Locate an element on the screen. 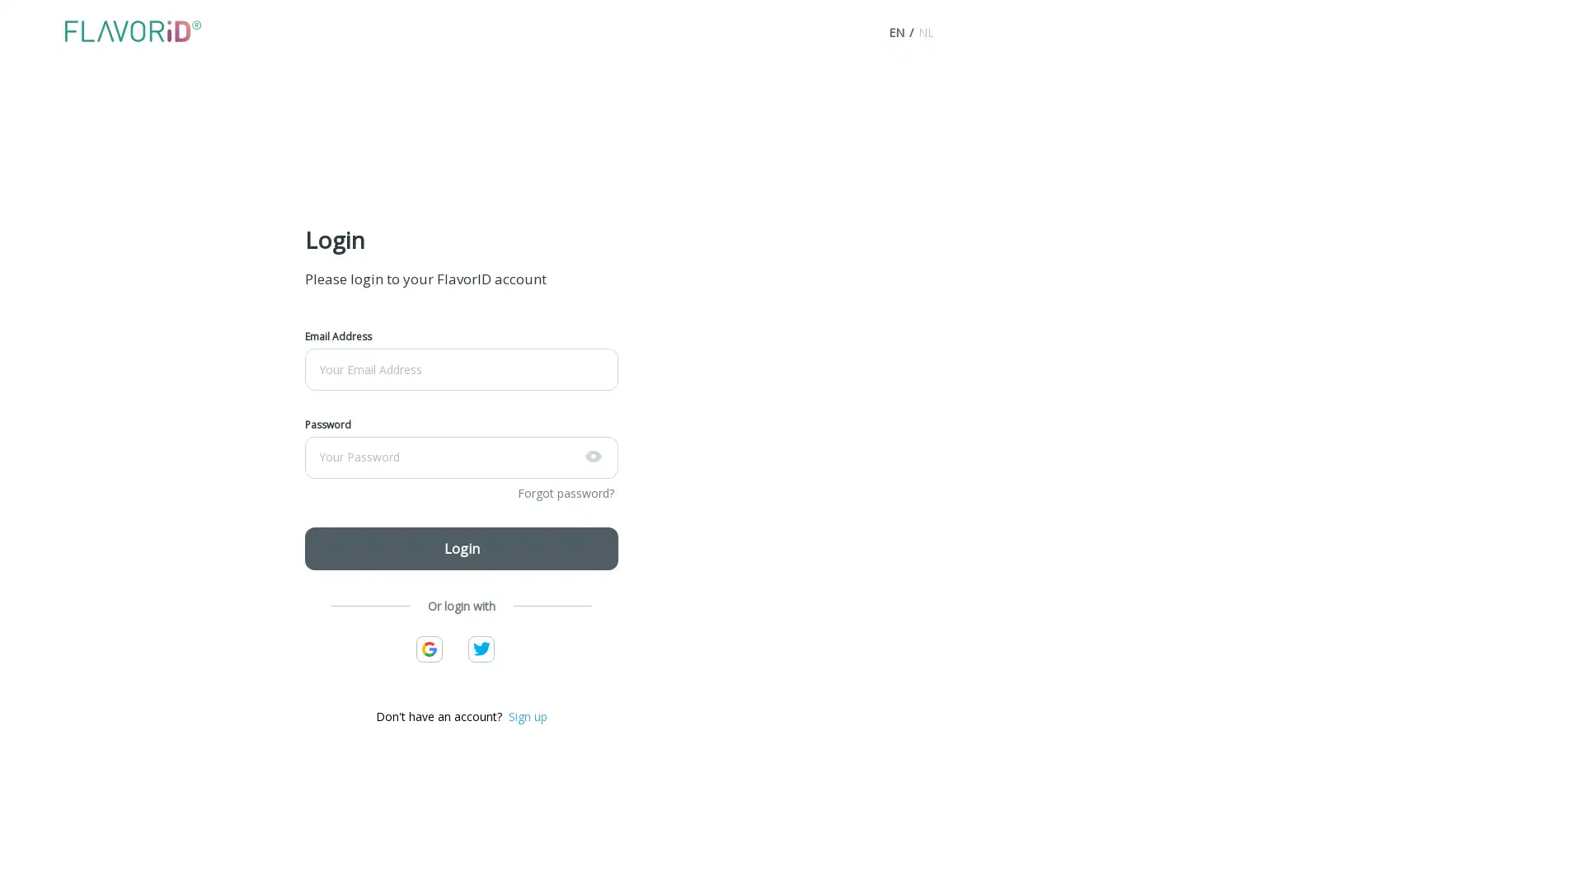 This screenshot has height=890, width=1583. Login is located at coordinates (462, 547).